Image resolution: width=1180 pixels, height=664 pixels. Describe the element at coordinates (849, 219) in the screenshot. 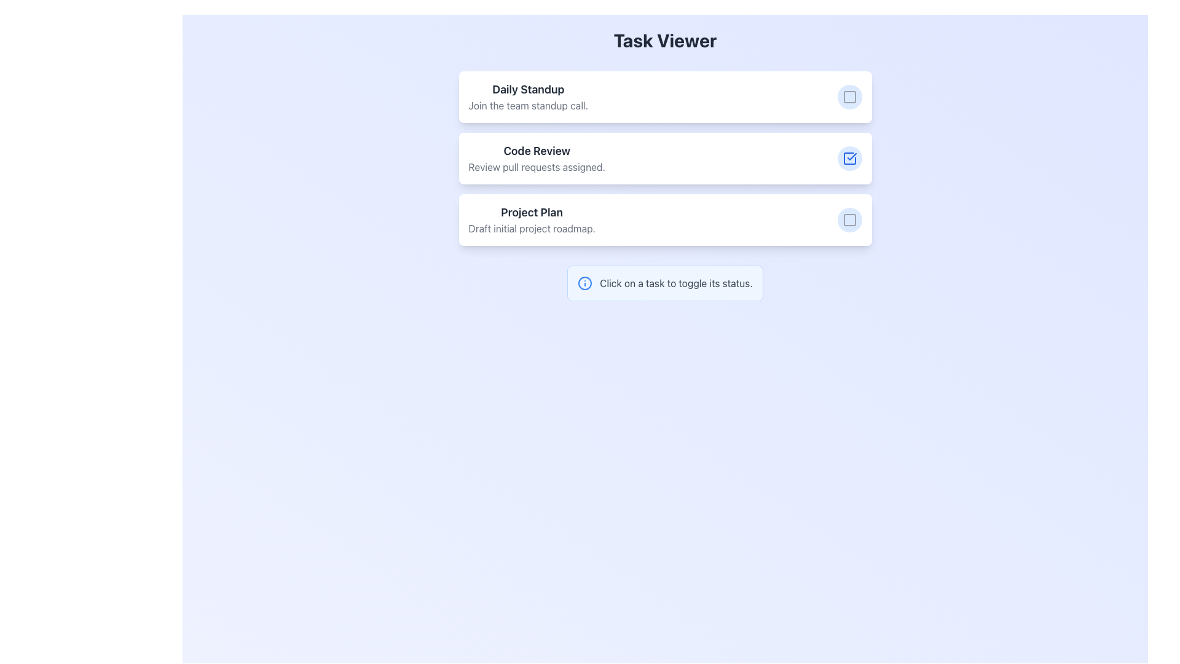

I see `the button located at the far right inside the 'Project Plan' task card` at that location.